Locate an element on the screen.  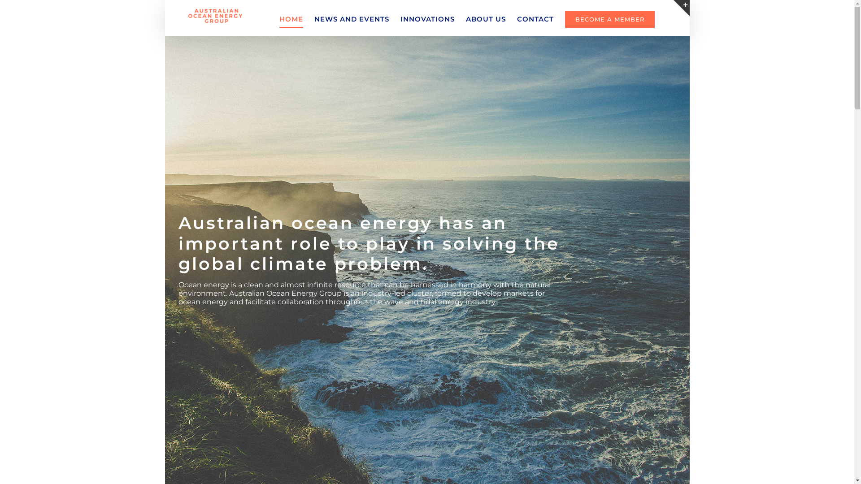
'Toggle Sliding Bar Area' is located at coordinates (682, 8).